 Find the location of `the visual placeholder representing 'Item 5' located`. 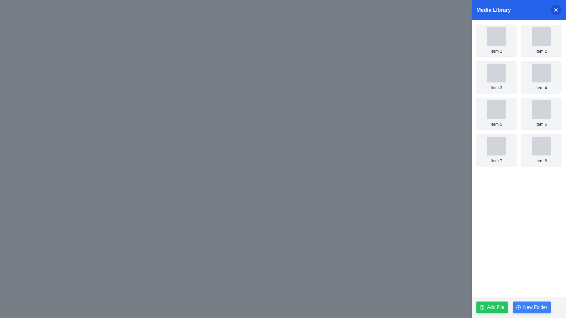

the visual placeholder representing 'Item 5' located is located at coordinates (496, 109).